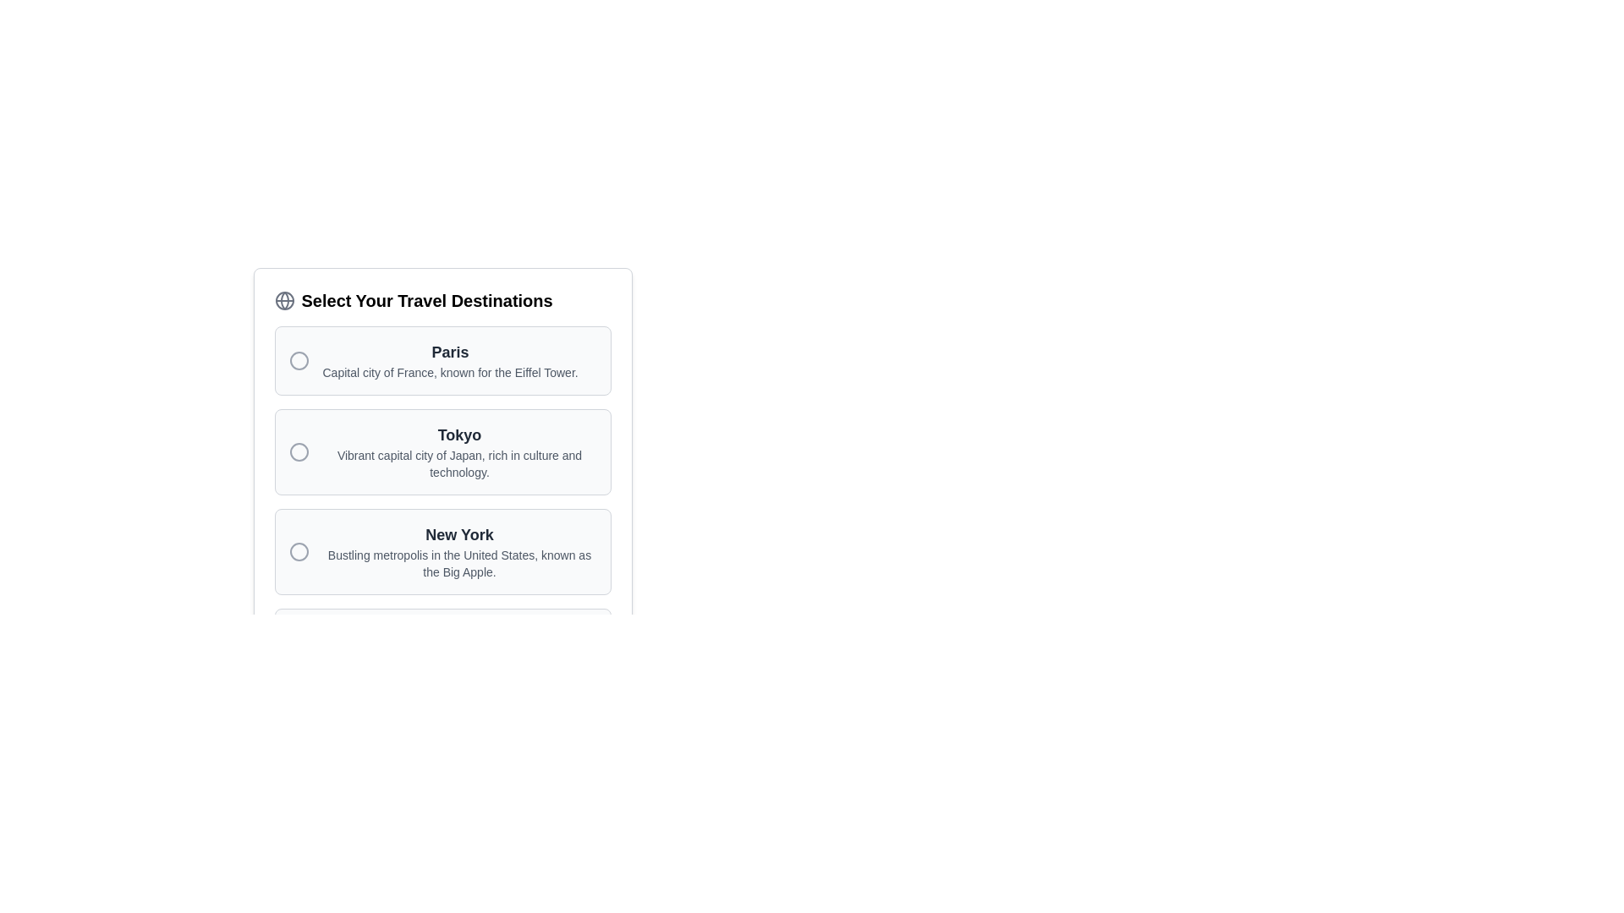 The width and height of the screenshot is (1624, 913). I want to click on the Graphic Circle (SVG) element, which is a circular shape located in the lower region of the interface, so click(299, 651).